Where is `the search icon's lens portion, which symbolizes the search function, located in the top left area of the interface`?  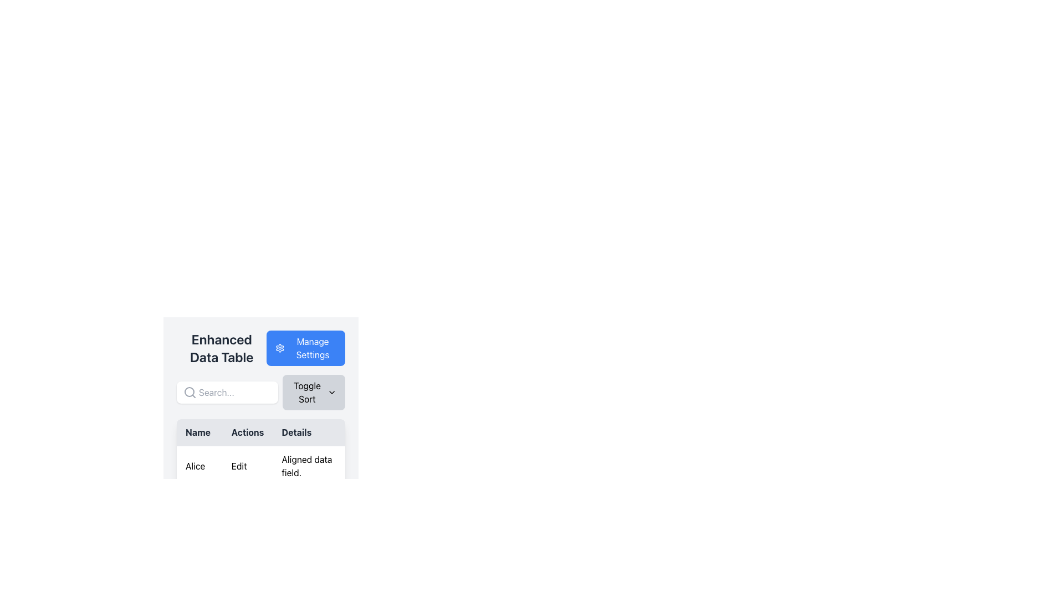 the search icon's lens portion, which symbolizes the search function, located in the top left area of the interface is located at coordinates (189, 391).